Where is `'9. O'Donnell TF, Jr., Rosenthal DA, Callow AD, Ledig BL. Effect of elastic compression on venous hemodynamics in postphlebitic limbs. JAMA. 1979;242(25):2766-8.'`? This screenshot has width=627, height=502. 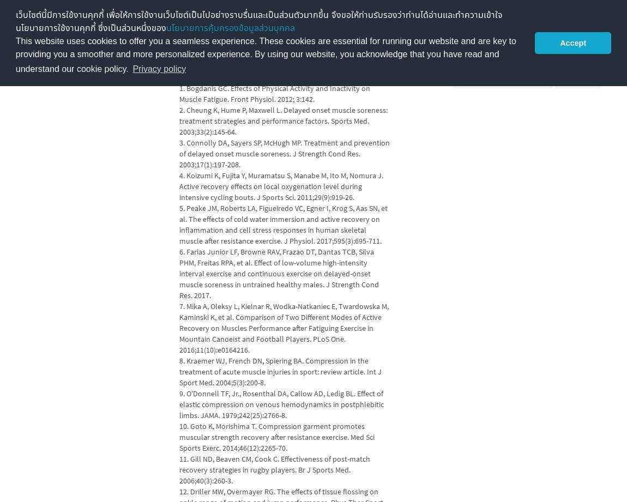
'9. O'Donnell TF, Jr., Rosenthal DA, Callow AD, Ledig BL. Effect of elastic compression on venous hemodynamics in postphlebitic limbs. JAMA. 1979;242(25):2766-8.' is located at coordinates (281, 404).